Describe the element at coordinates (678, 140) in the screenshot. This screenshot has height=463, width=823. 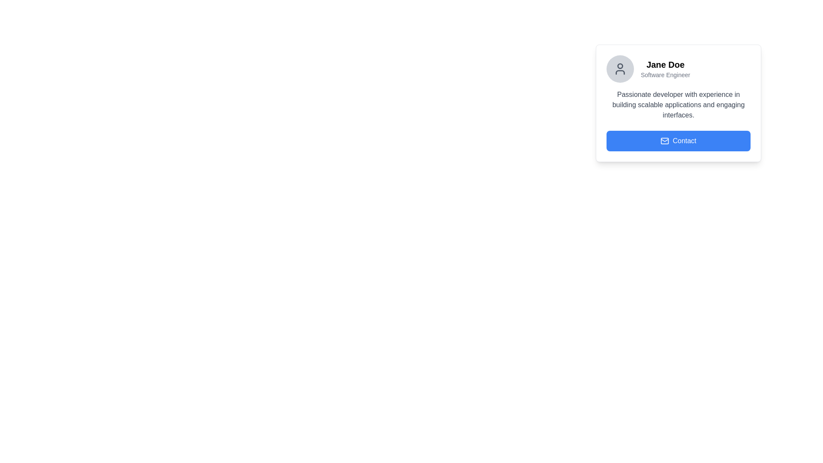
I see `the contact button located at the bottom of the profile card layout` at that location.